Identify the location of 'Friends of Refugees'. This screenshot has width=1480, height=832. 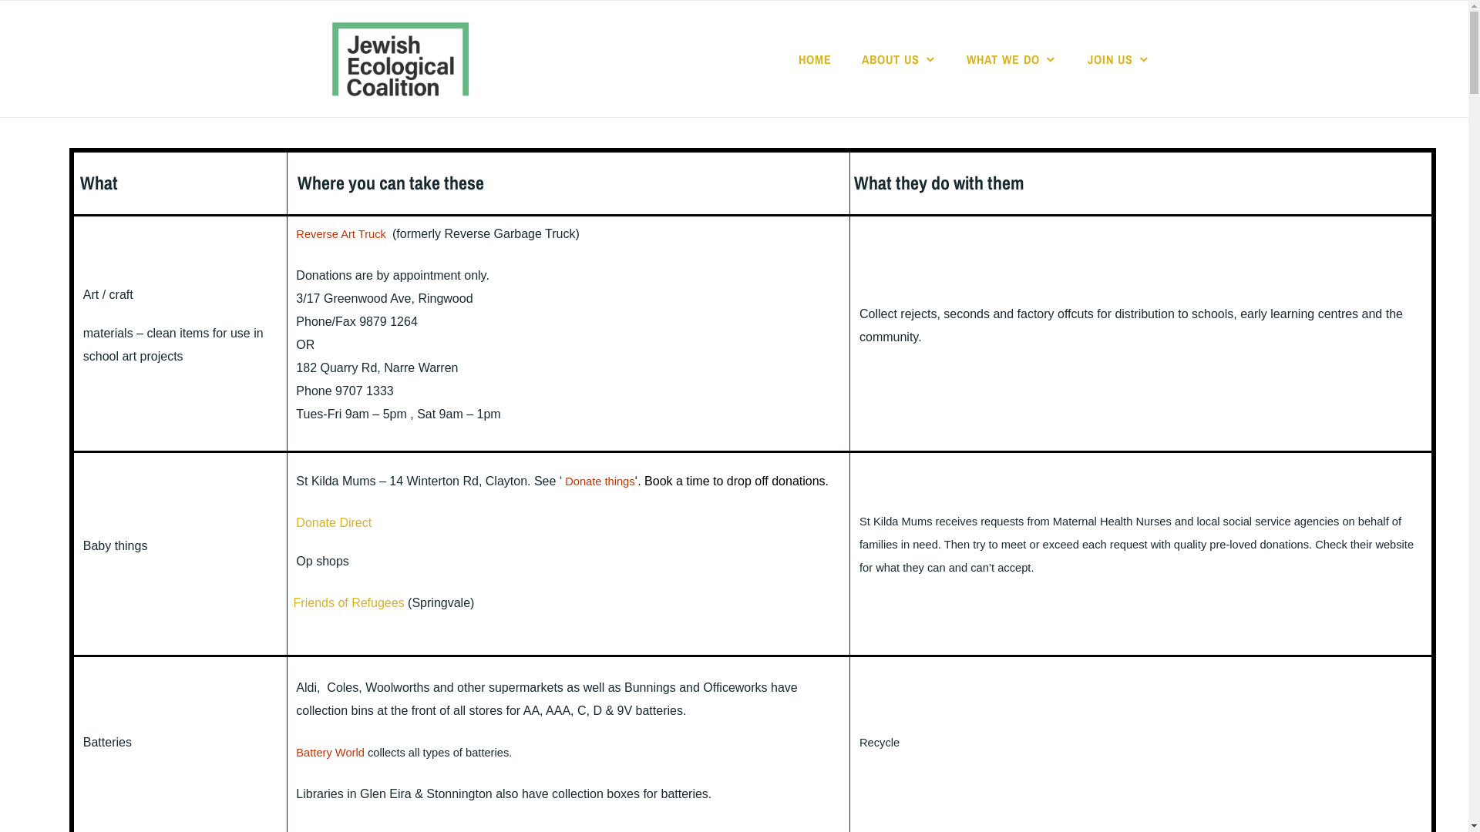
(348, 602).